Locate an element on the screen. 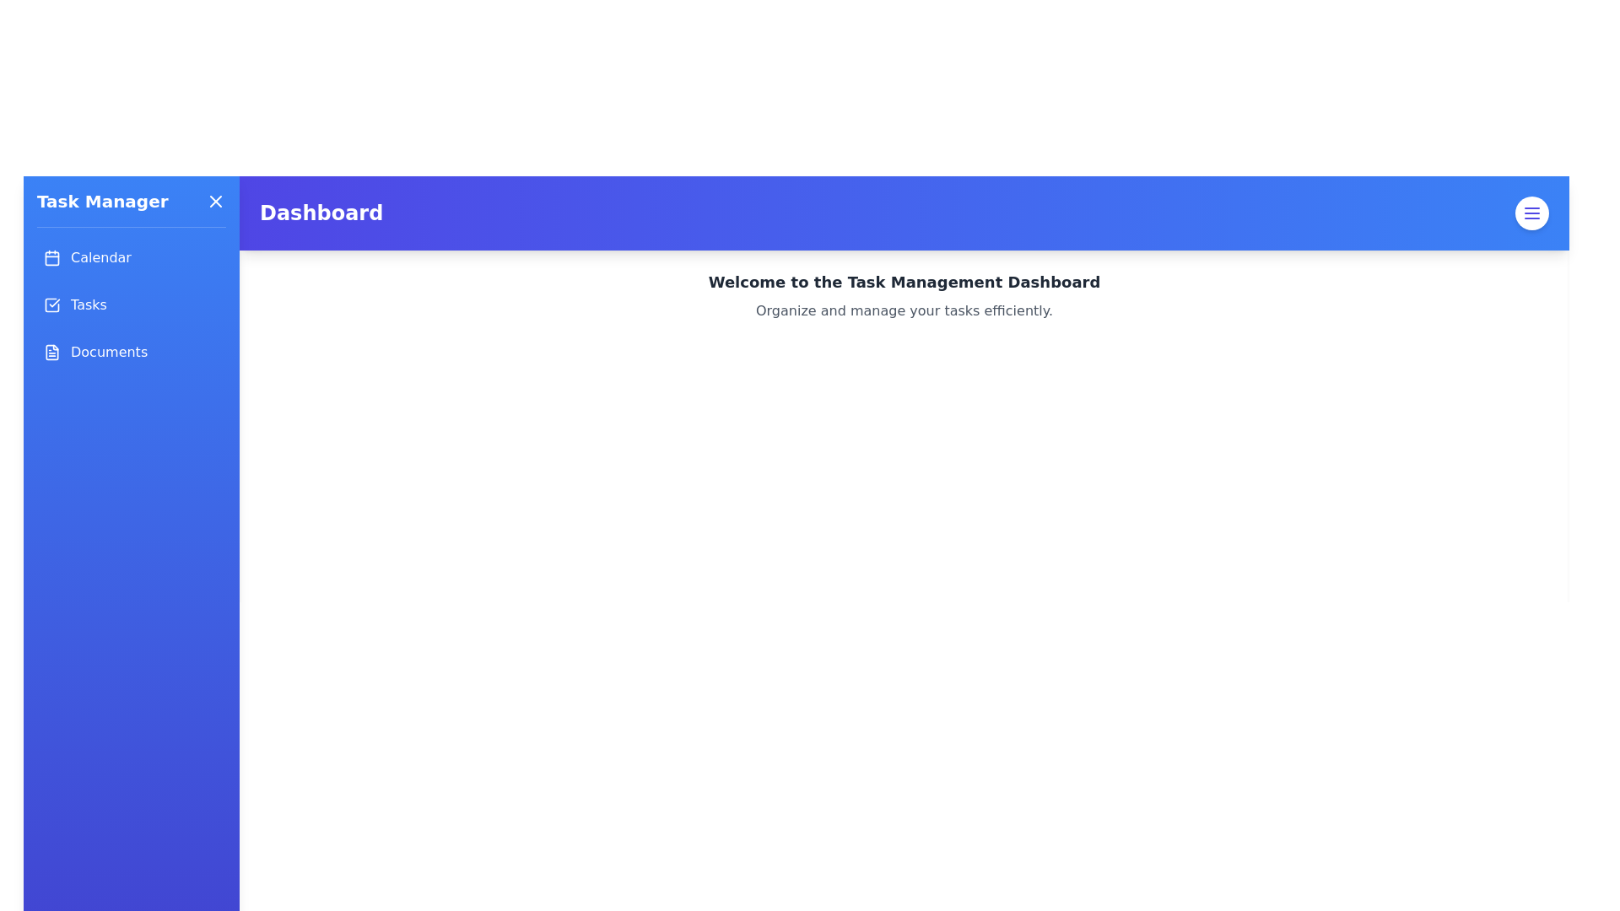 The width and height of the screenshot is (1620, 911). text from the 'Dashboard' label, which is prominently displayed in bold on a blue gradient background, located at the top bar of the application is located at coordinates (321, 213).